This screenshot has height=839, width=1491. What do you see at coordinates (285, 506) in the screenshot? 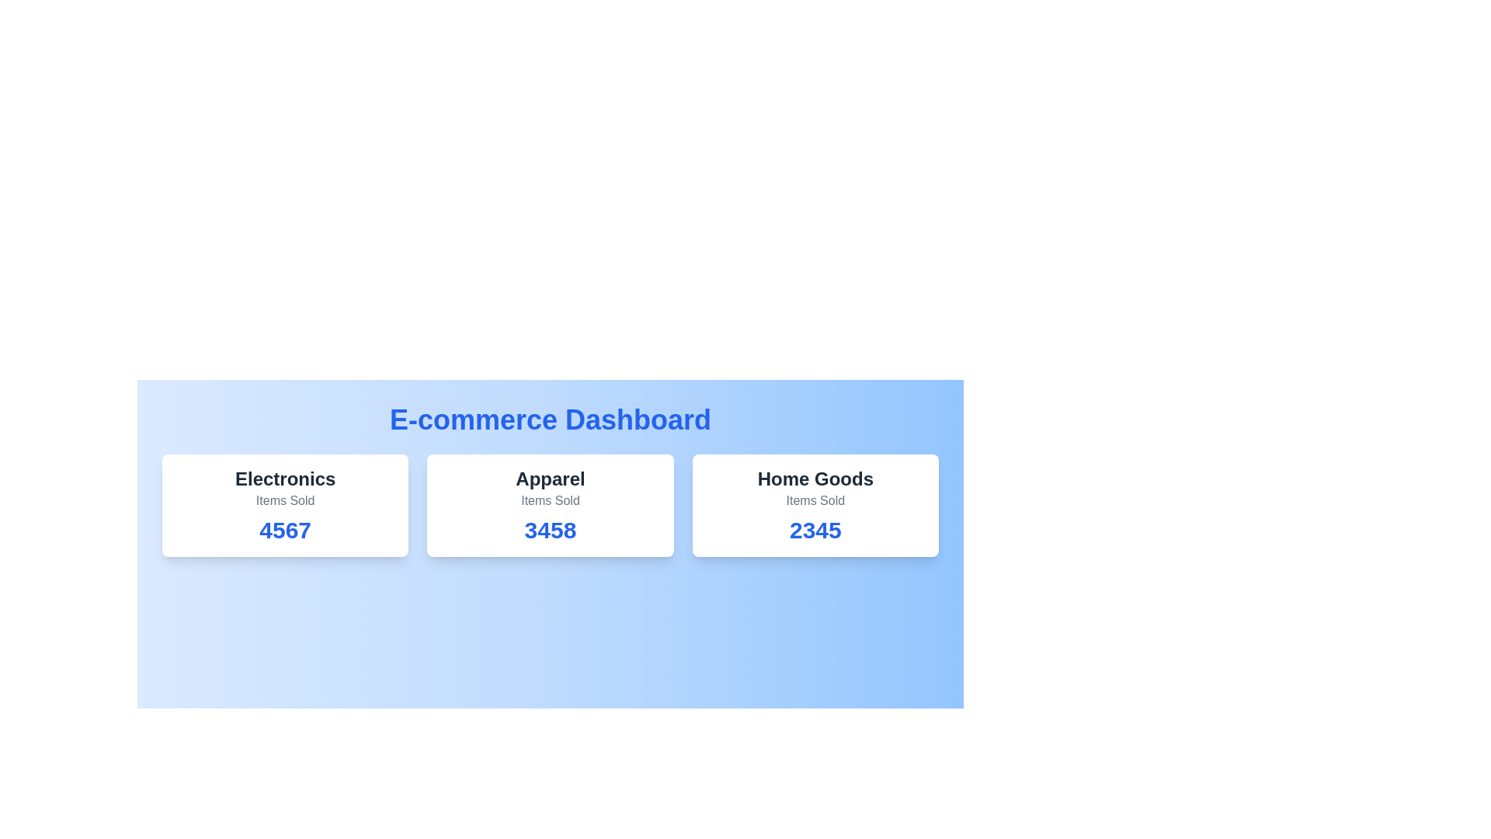
I see `the category card for Electronics` at bounding box center [285, 506].